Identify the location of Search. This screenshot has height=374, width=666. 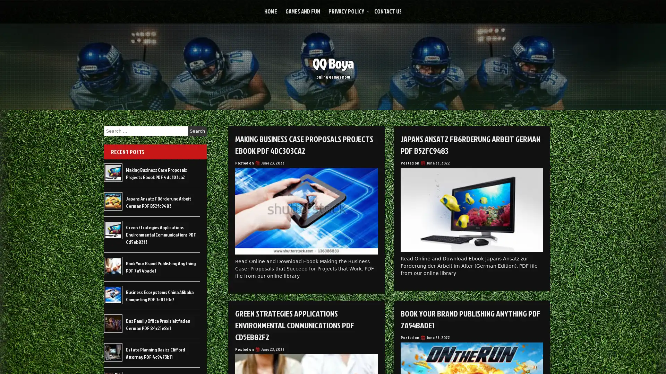
(197, 131).